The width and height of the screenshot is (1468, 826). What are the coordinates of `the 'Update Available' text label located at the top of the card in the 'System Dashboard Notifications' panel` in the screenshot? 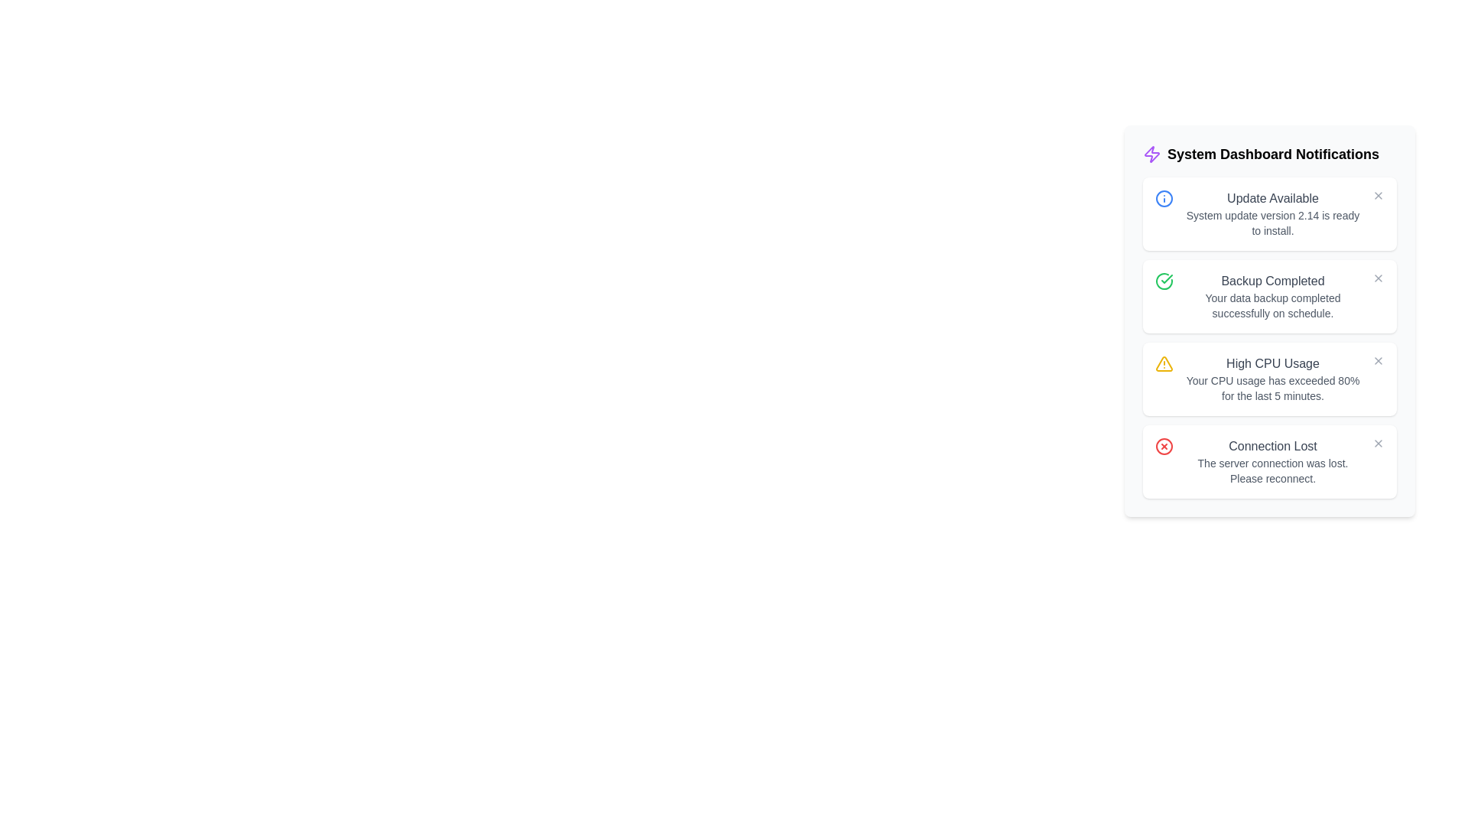 It's located at (1273, 197).